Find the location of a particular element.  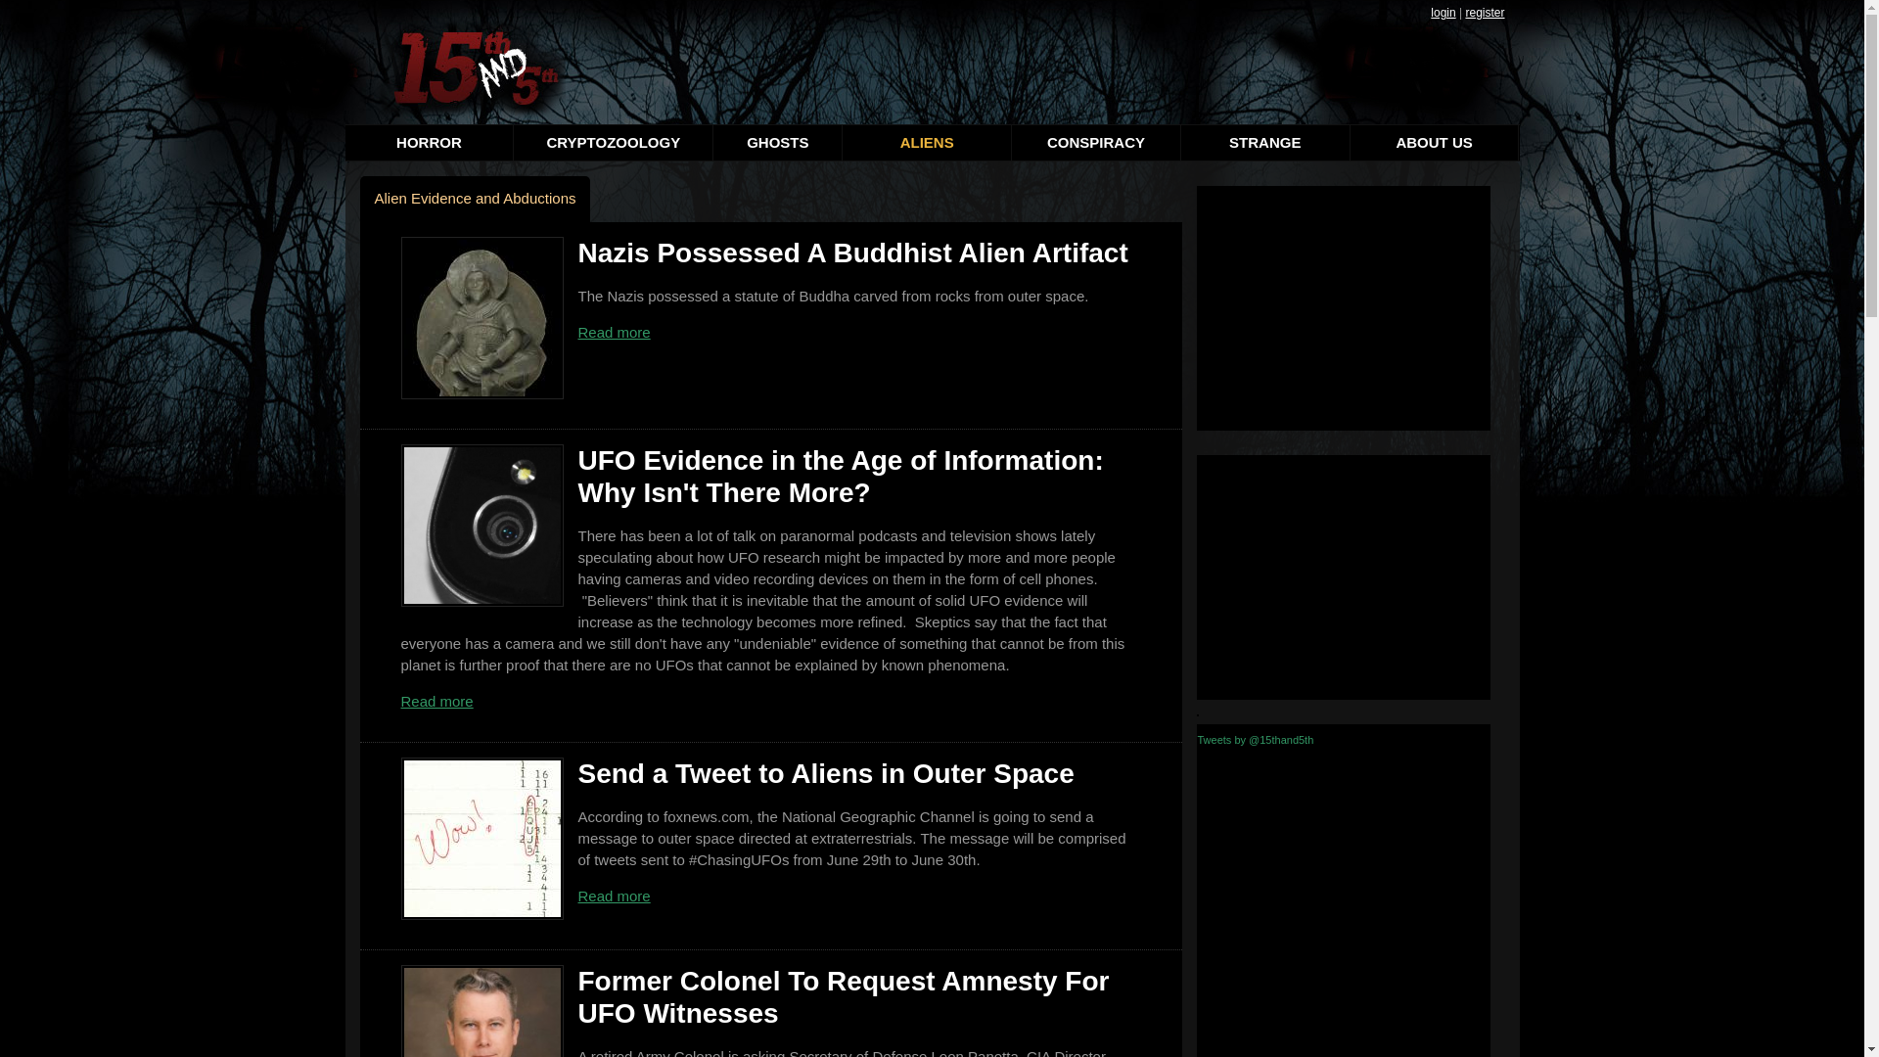

'CONSPIRACY' is located at coordinates (1096, 142).